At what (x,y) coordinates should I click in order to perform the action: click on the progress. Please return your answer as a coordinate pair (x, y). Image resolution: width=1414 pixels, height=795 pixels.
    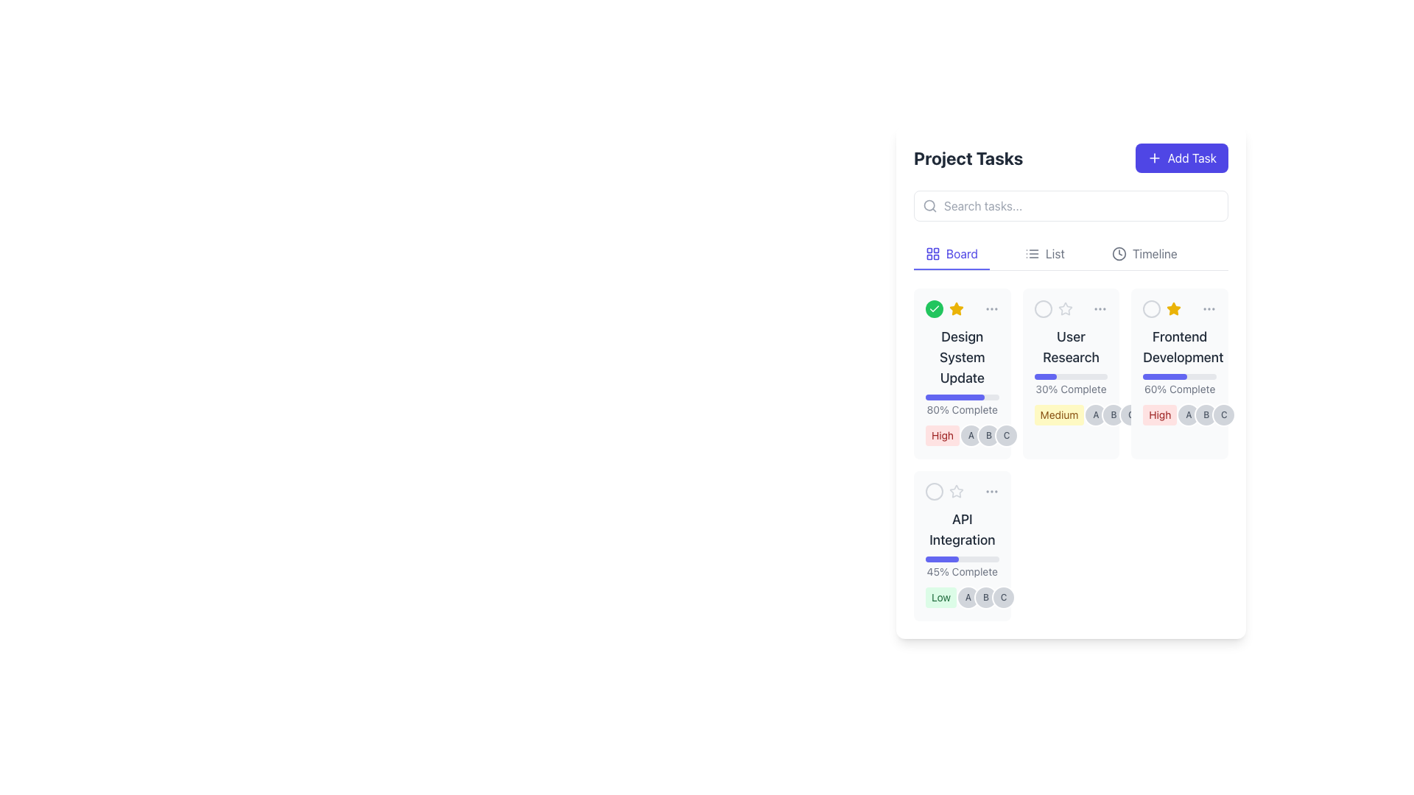
    Looking at the image, I should click on (1199, 376).